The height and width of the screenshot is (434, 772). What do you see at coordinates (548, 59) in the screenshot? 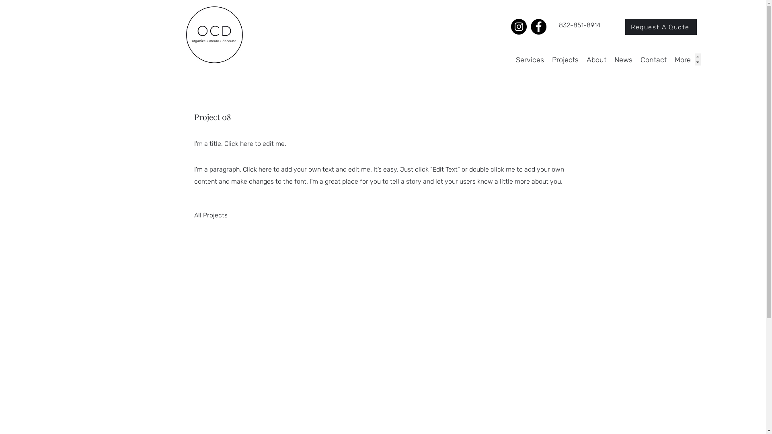
I see `'Projects'` at bounding box center [548, 59].